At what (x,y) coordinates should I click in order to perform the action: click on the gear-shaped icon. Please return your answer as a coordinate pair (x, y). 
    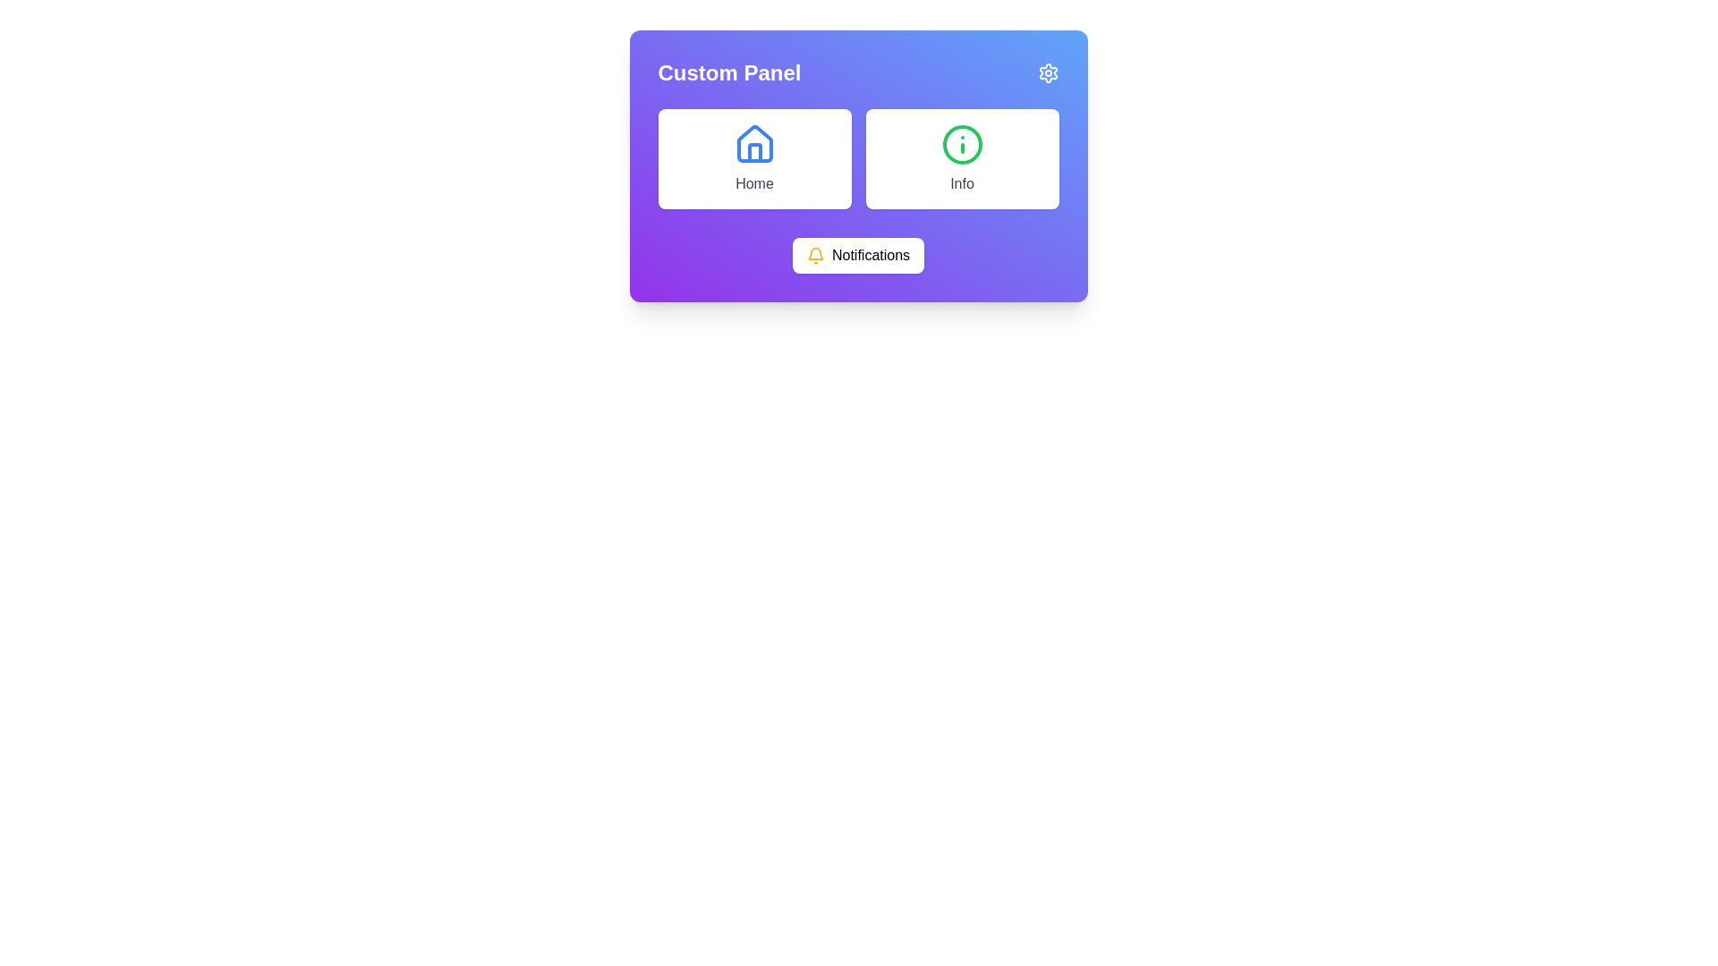
    Looking at the image, I should click on (1048, 72).